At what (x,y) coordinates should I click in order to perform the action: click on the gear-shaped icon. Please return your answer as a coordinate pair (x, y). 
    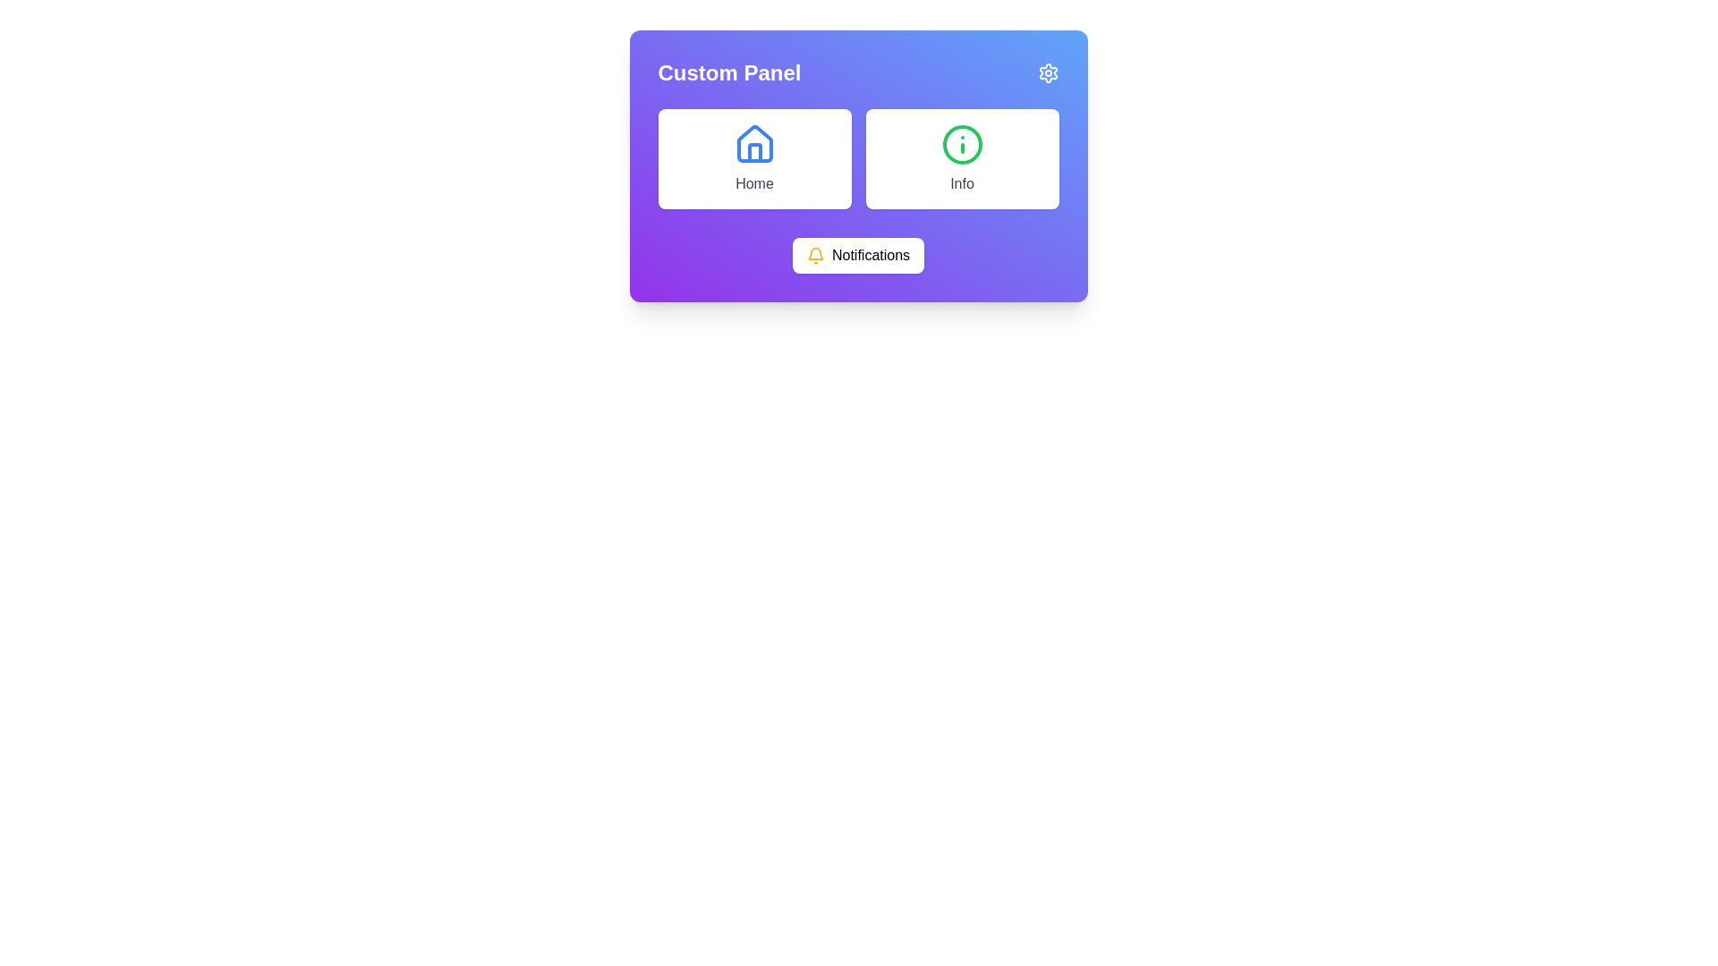
    Looking at the image, I should click on (1048, 72).